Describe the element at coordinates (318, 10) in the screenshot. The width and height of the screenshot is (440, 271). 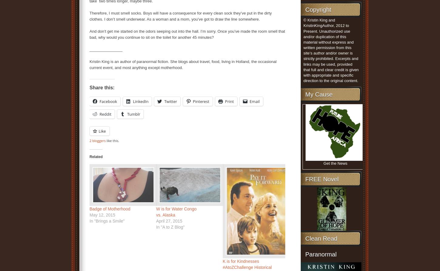
I see `'Copyright'` at that location.